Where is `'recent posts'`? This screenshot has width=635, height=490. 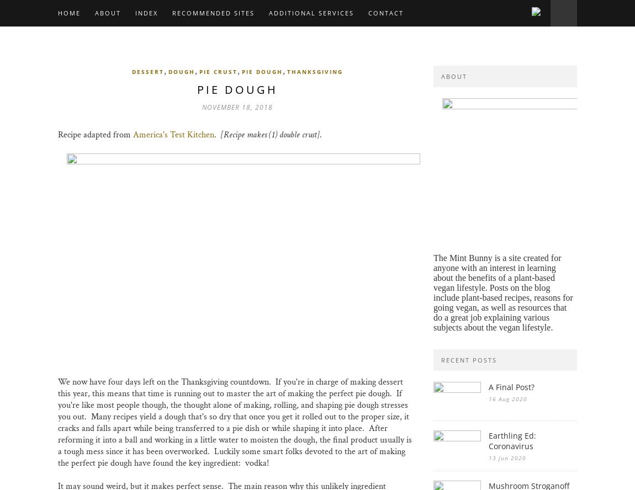
'recent posts' is located at coordinates (468, 359).